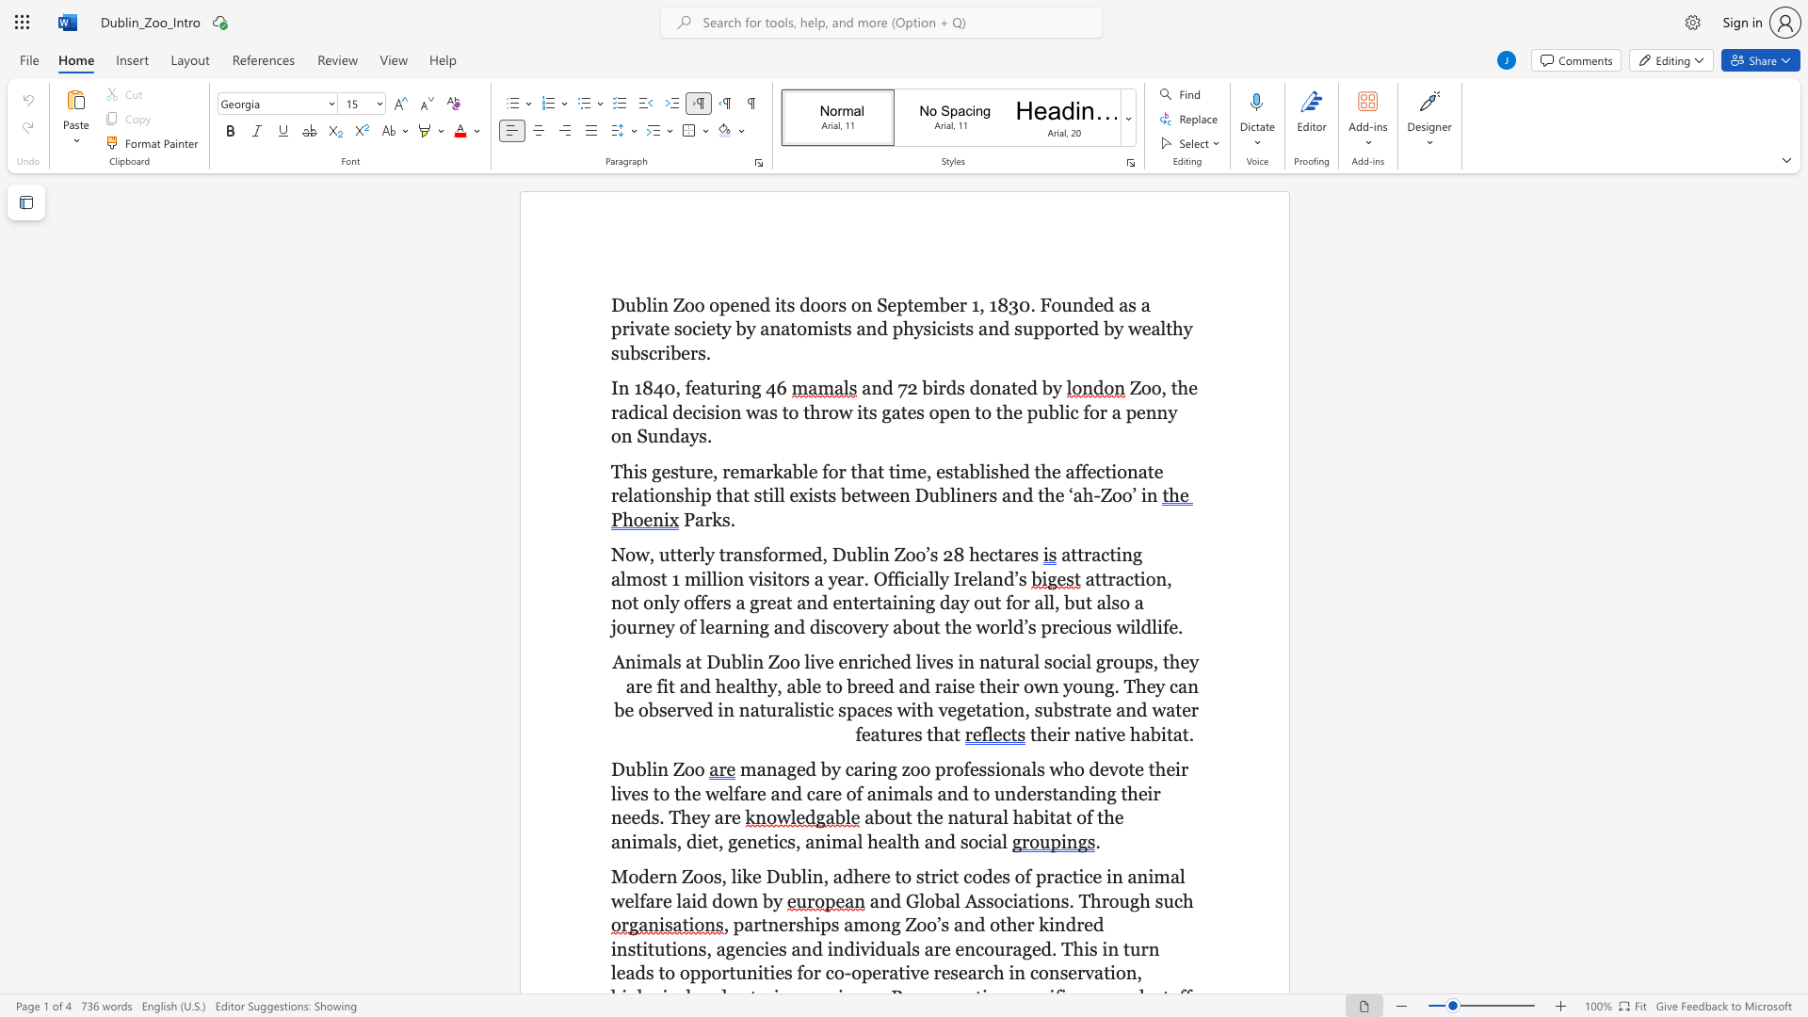 This screenshot has width=1808, height=1017. What do you see at coordinates (1130, 899) in the screenshot?
I see `the subset text "gh su" within the text "and Global Associations. Through such"` at bounding box center [1130, 899].